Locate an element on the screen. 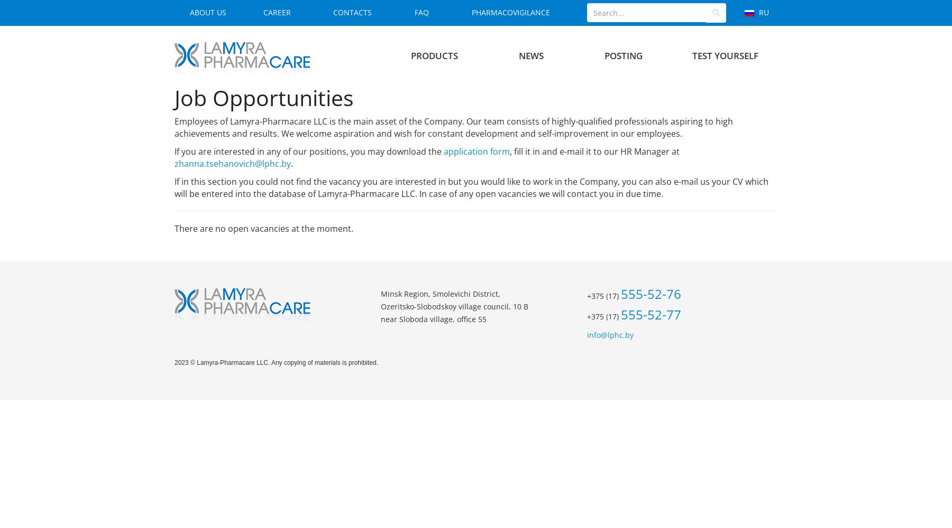 This screenshot has height=528, width=952. '2023 © Lamyra-Pharmacare LLC. Any copying of materials is prohibited.' is located at coordinates (276, 363).